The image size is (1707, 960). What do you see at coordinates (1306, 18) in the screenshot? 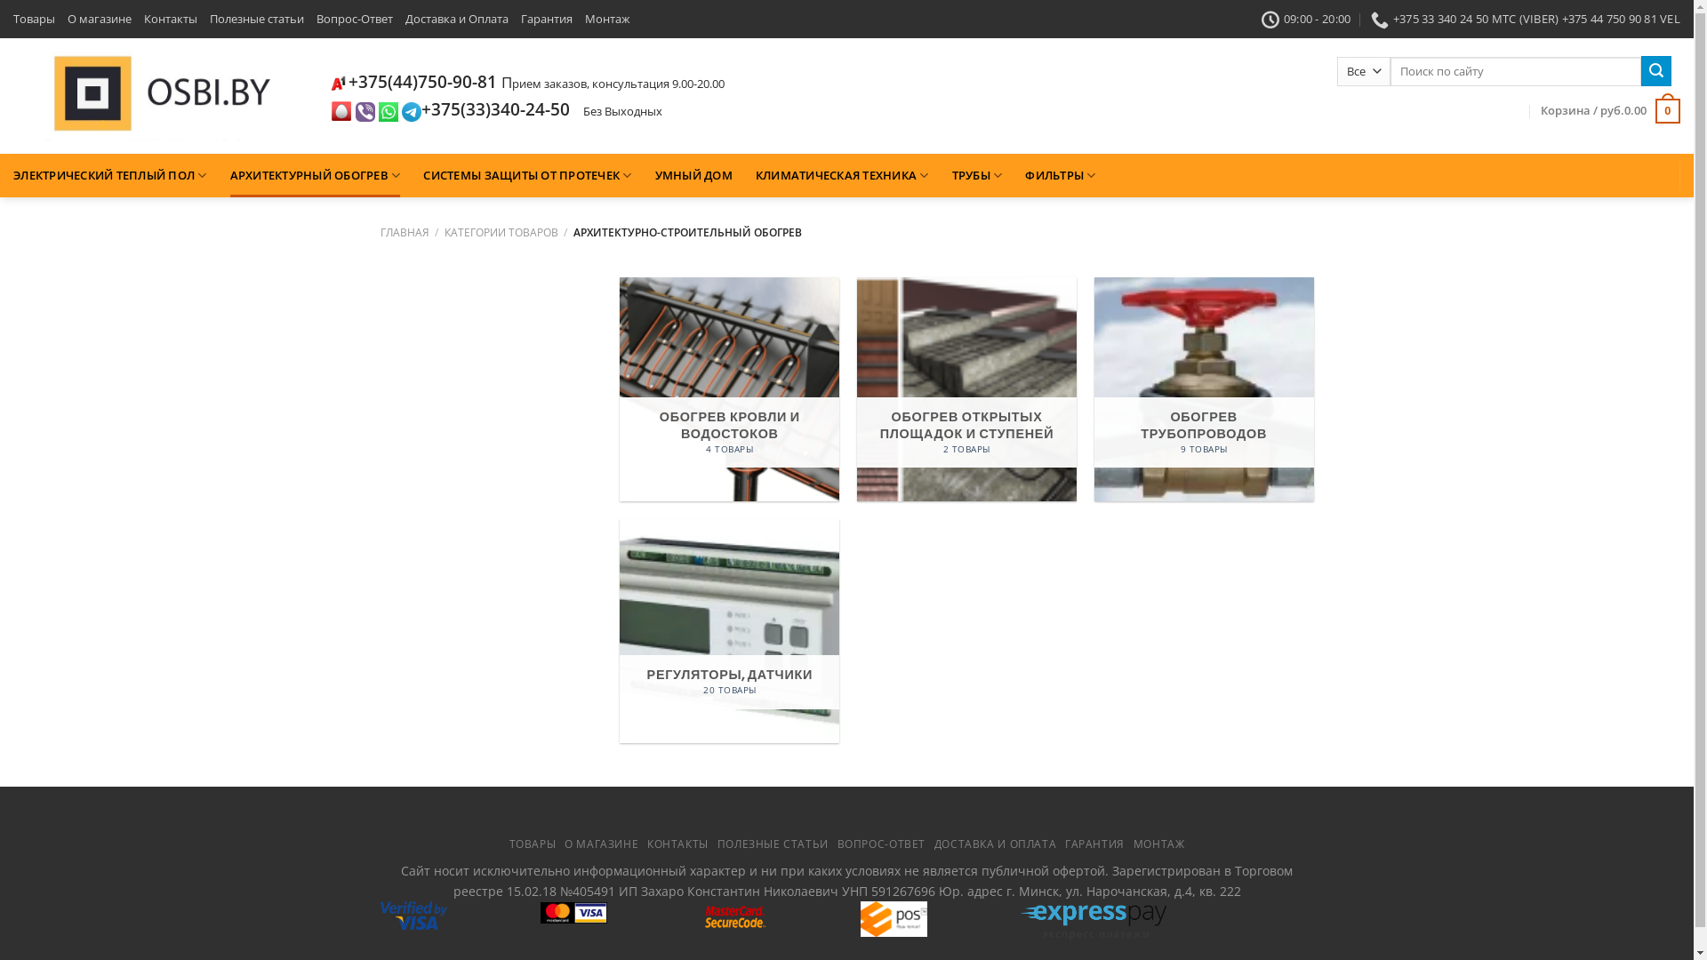
I see `'09:00 - 20:00'` at bounding box center [1306, 18].